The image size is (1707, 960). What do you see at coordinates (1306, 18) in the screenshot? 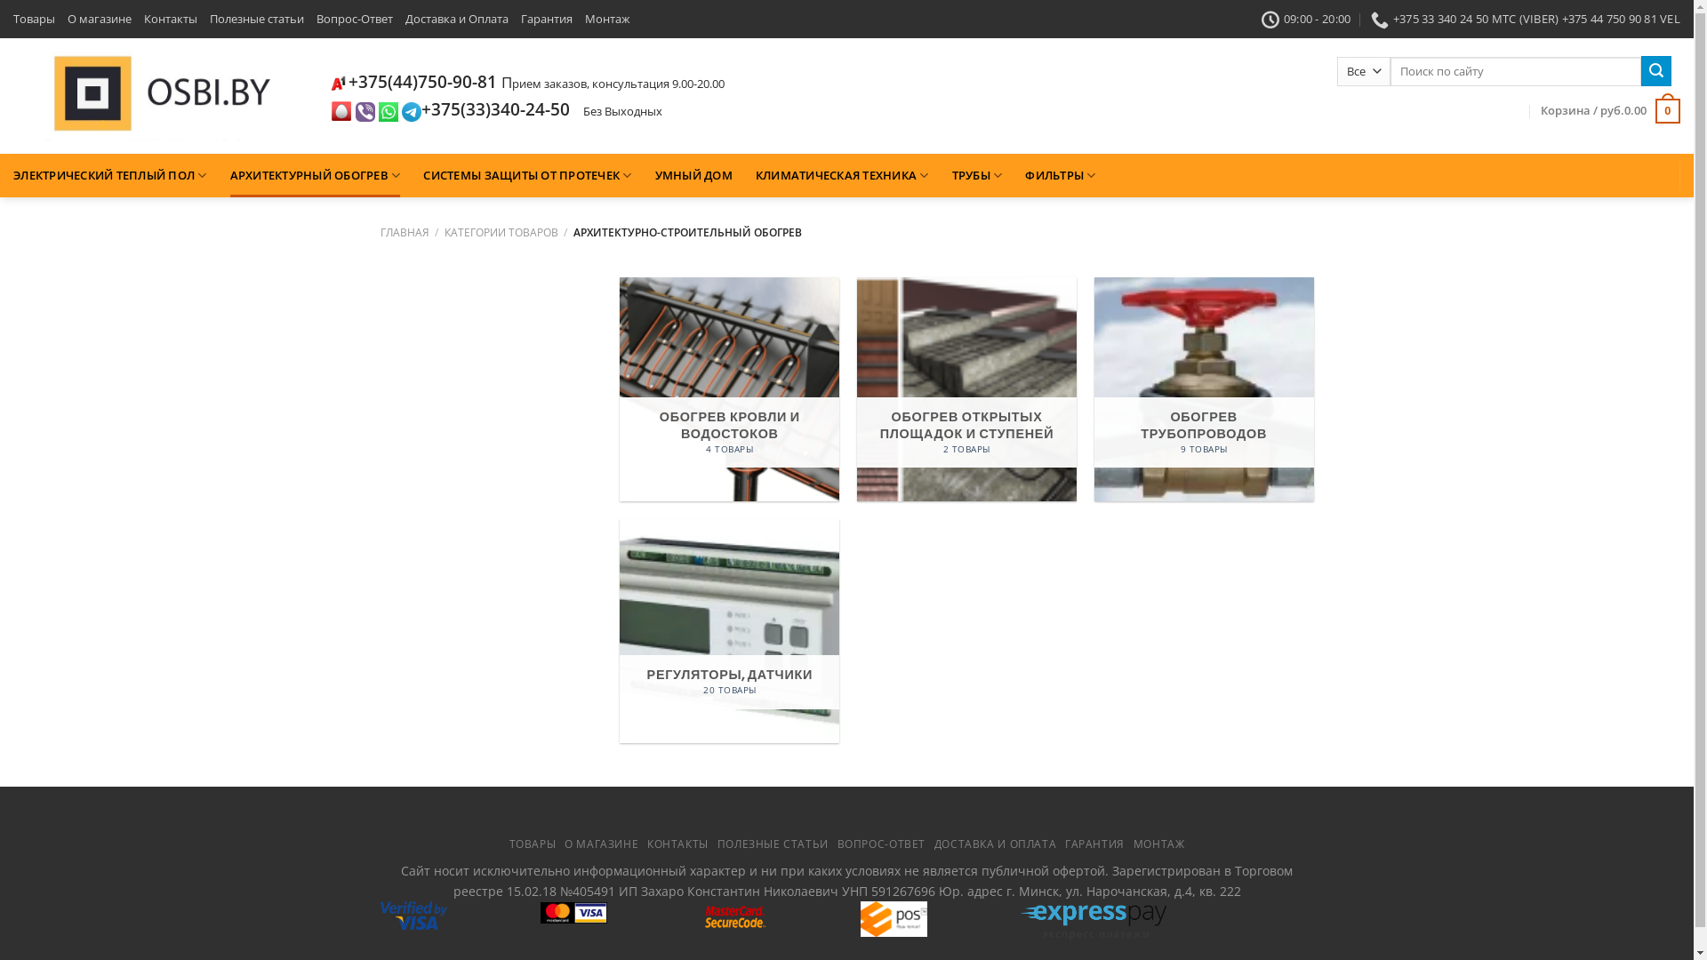
I see `'09:00 - 20:00'` at bounding box center [1306, 18].